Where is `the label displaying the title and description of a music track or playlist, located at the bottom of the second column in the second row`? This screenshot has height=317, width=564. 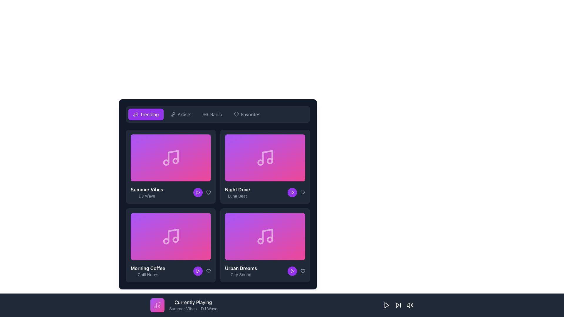
the label displaying the title and description of a music track or playlist, located at the bottom of the second column in the second row is located at coordinates (241, 271).